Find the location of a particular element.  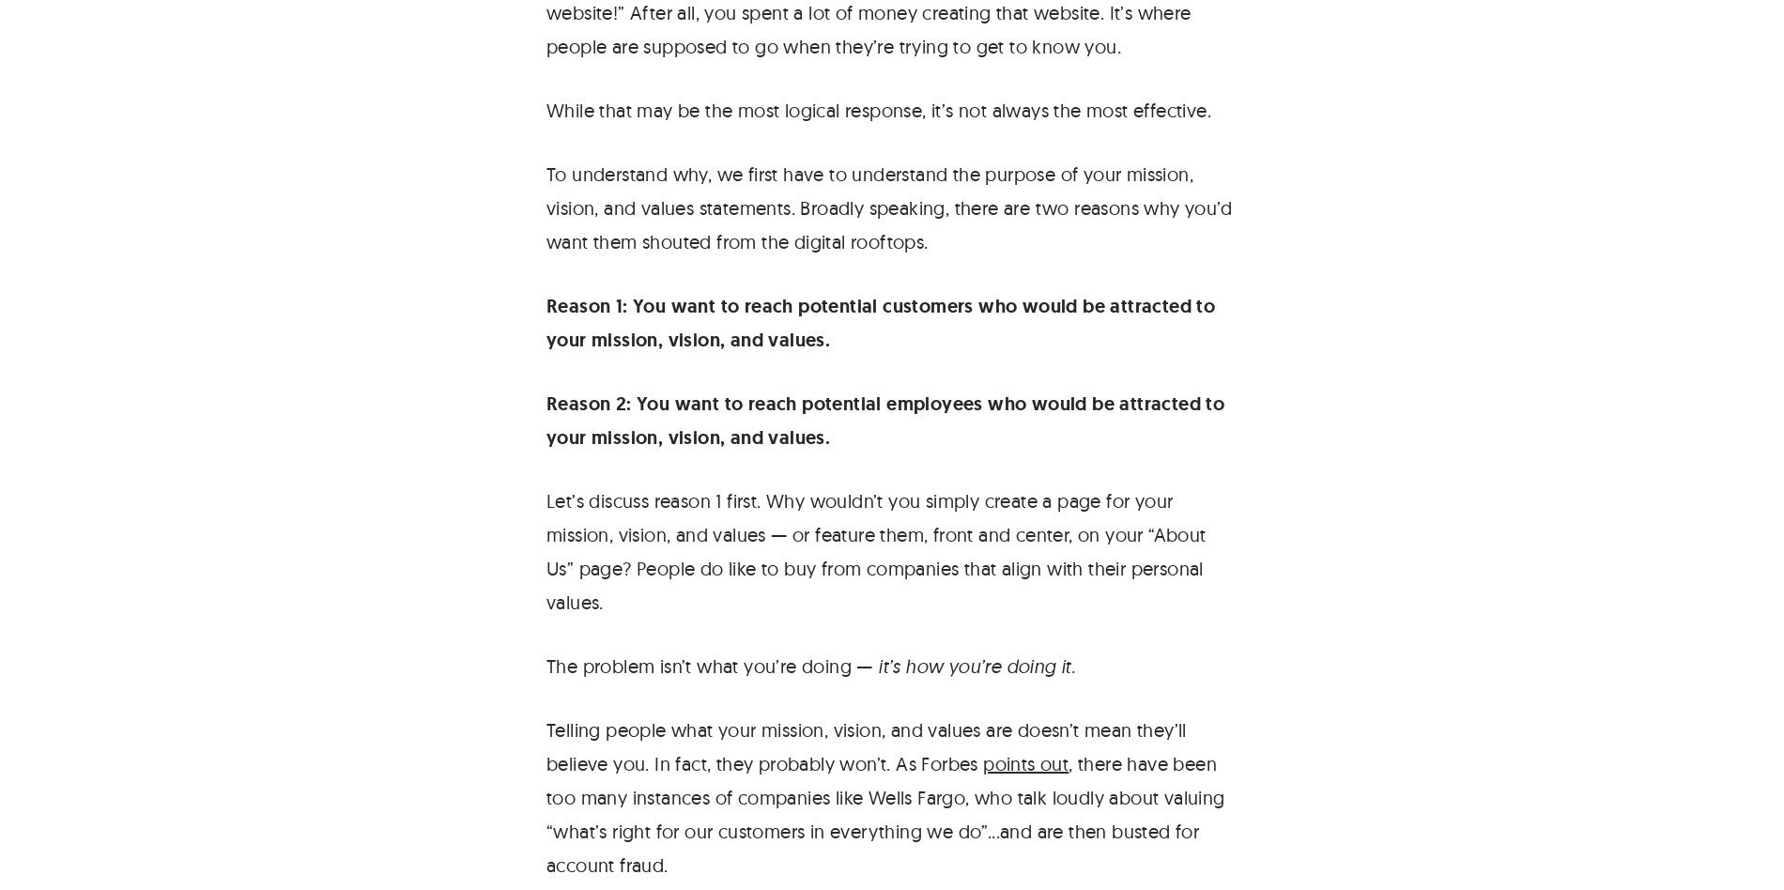

'Privacy' is located at coordinates (1642, 319).